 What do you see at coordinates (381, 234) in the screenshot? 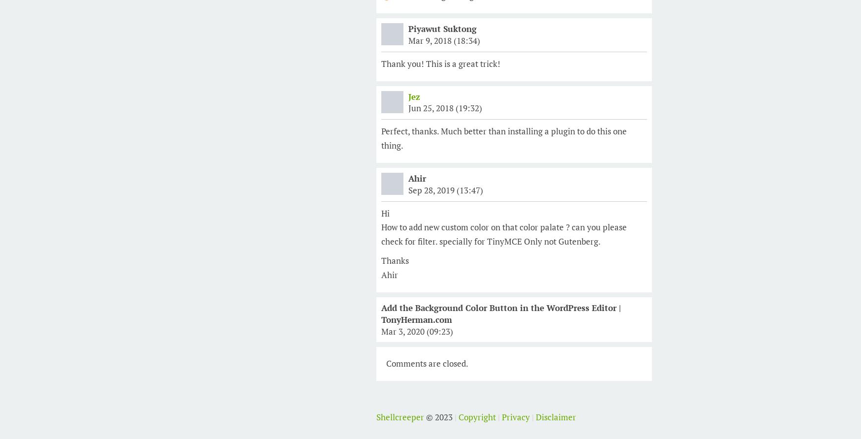
I see `'How to add new custom color on that color palate ? can you please check for filter. specially for  TinyMCE Only not Gutenberg.'` at bounding box center [381, 234].